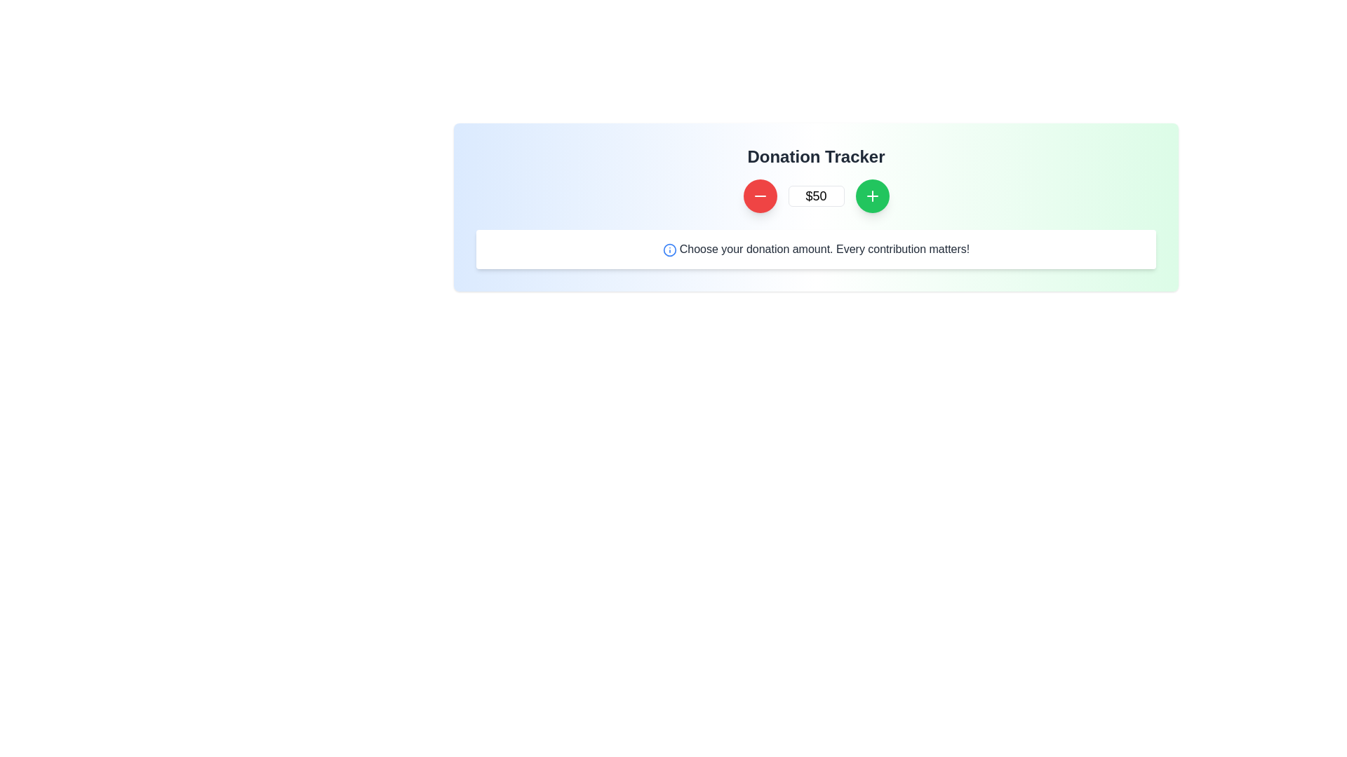 The image size is (1347, 757). I want to click on the small, circular, green button with a white plus sign, so click(871, 196).